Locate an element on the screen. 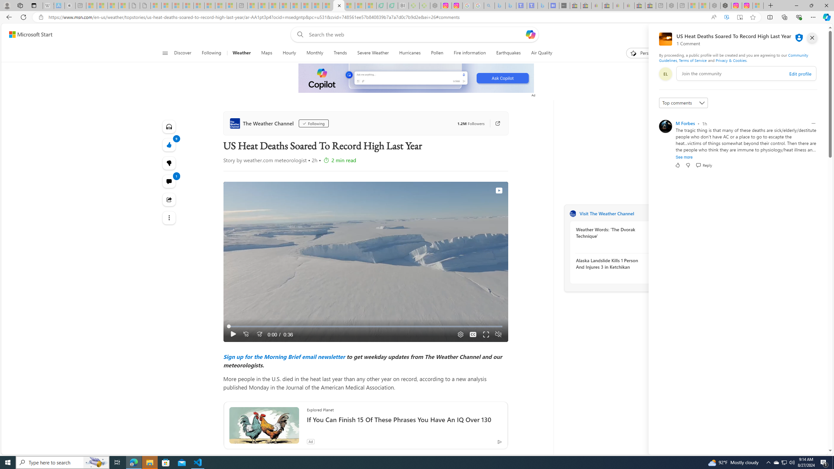 Image resolution: width=834 pixels, height=469 pixels. 'Earthquakes' is located at coordinates (509, 53).